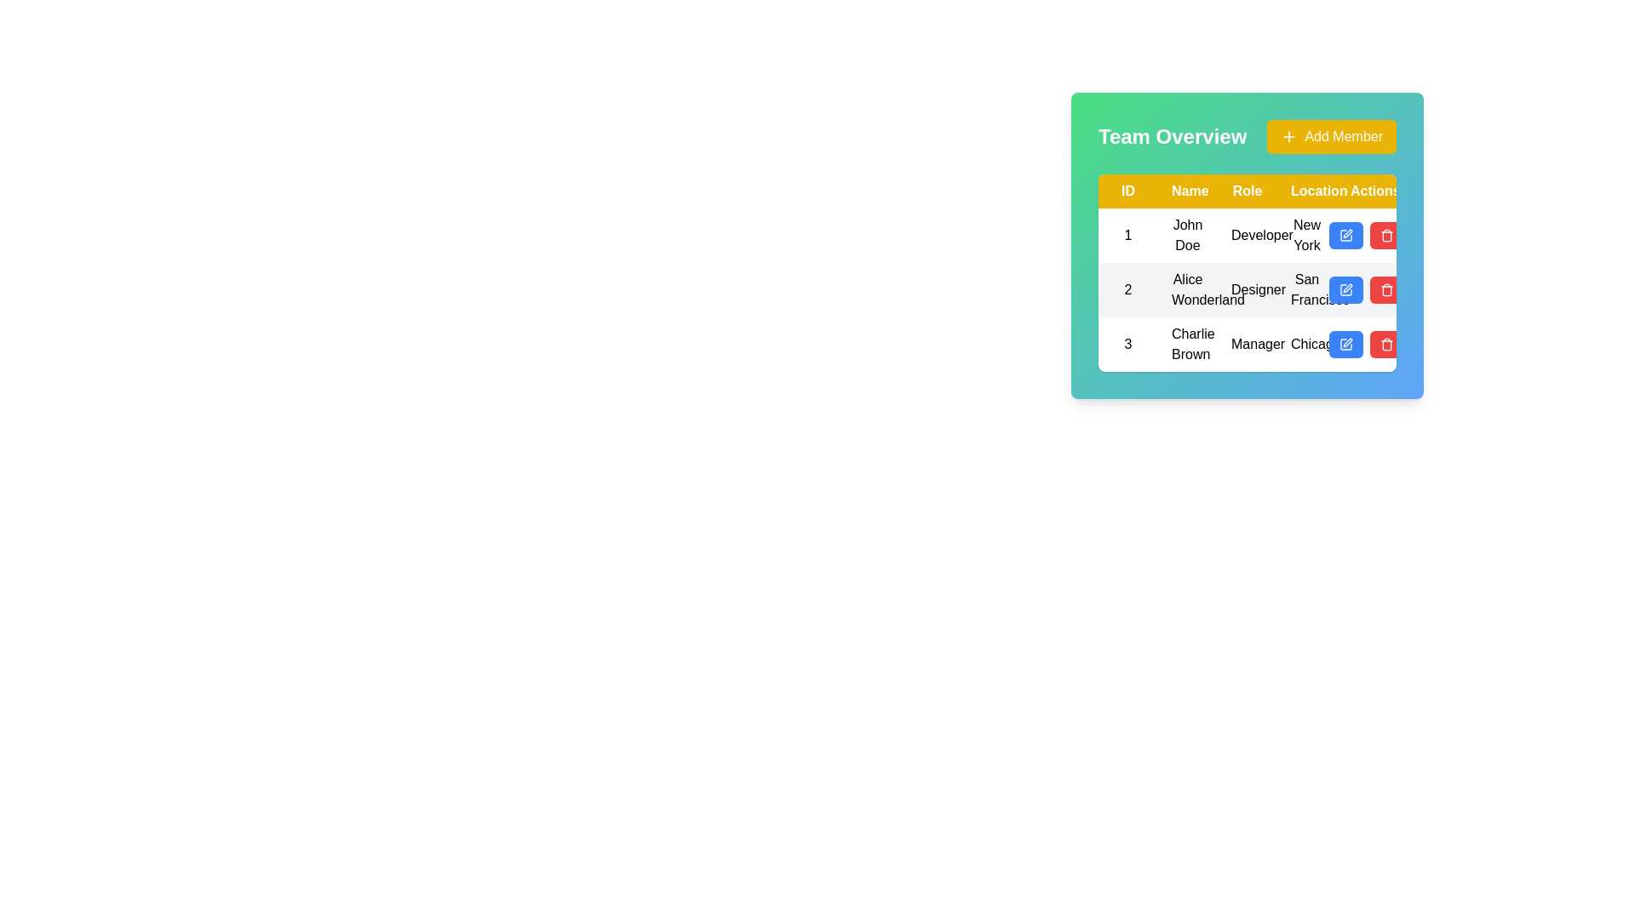 The height and width of the screenshot is (919, 1635). I want to click on the first row of the 'Team Overview' table that displays user information including 'John Doe, Developer, New York' and action buttons for editing and deletion, so click(1247, 236).